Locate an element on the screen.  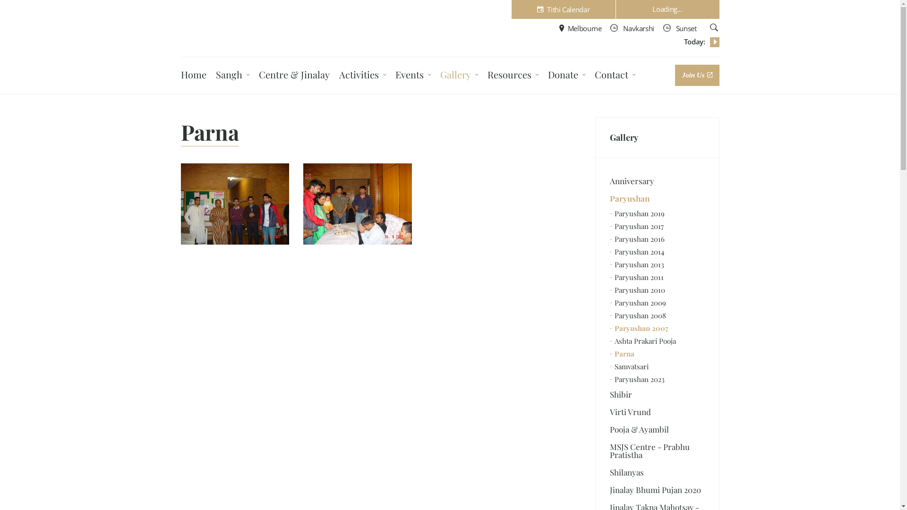
'Donate' is located at coordinates (568, 76).